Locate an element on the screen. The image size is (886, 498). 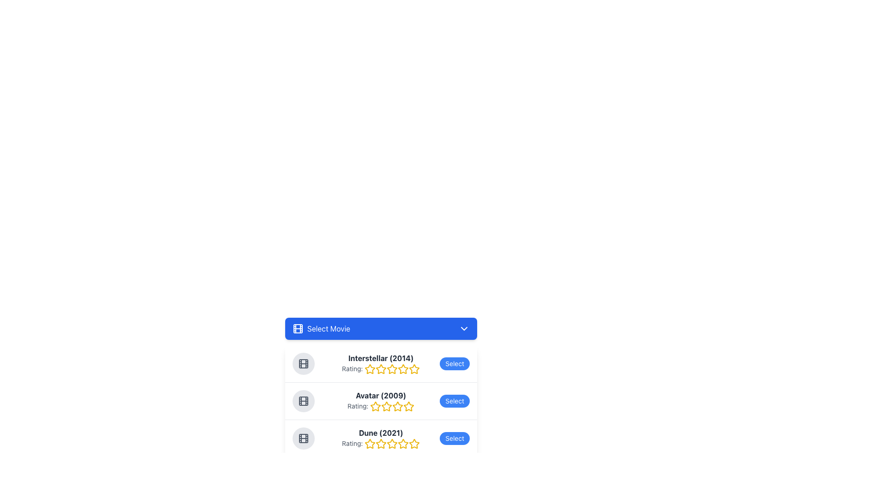
the fourth rating star for the movie 'Interstellar (2014)' is located at coordinates (403, 368).